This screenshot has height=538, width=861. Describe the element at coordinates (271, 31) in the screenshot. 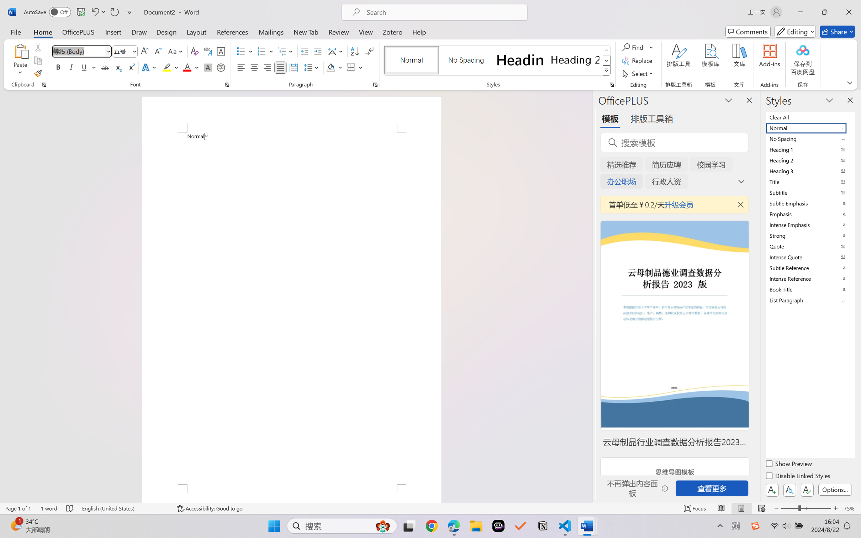

I see `'Mailings'` at that location.